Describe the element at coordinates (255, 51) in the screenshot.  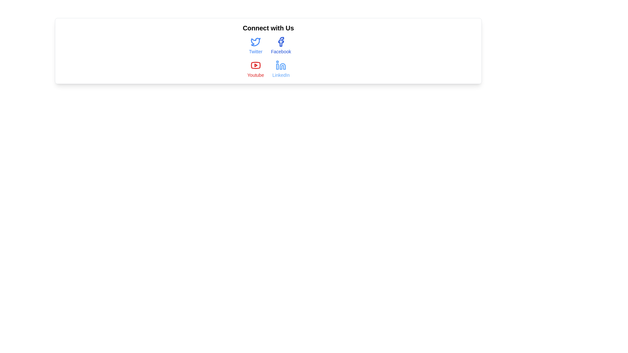
I see `the Twitter label, which serves as a textual identification for the corresponding clickable Twitter icon, positioned directly beneath it in the first column of a grid of social media items` at that location.